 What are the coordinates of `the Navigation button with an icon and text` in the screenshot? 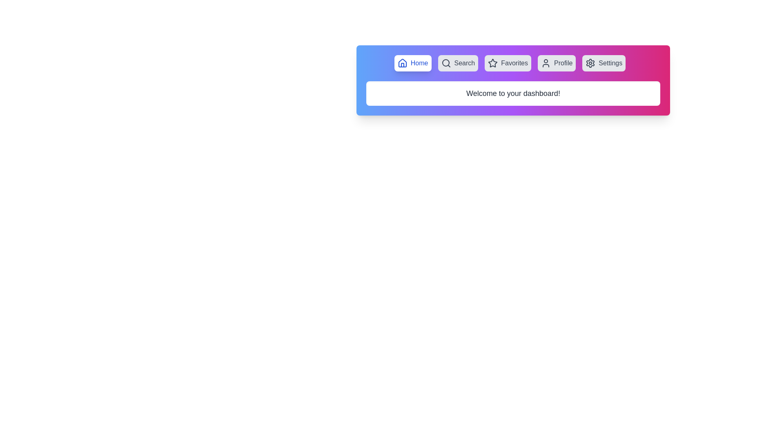 It's located at (413, 62).